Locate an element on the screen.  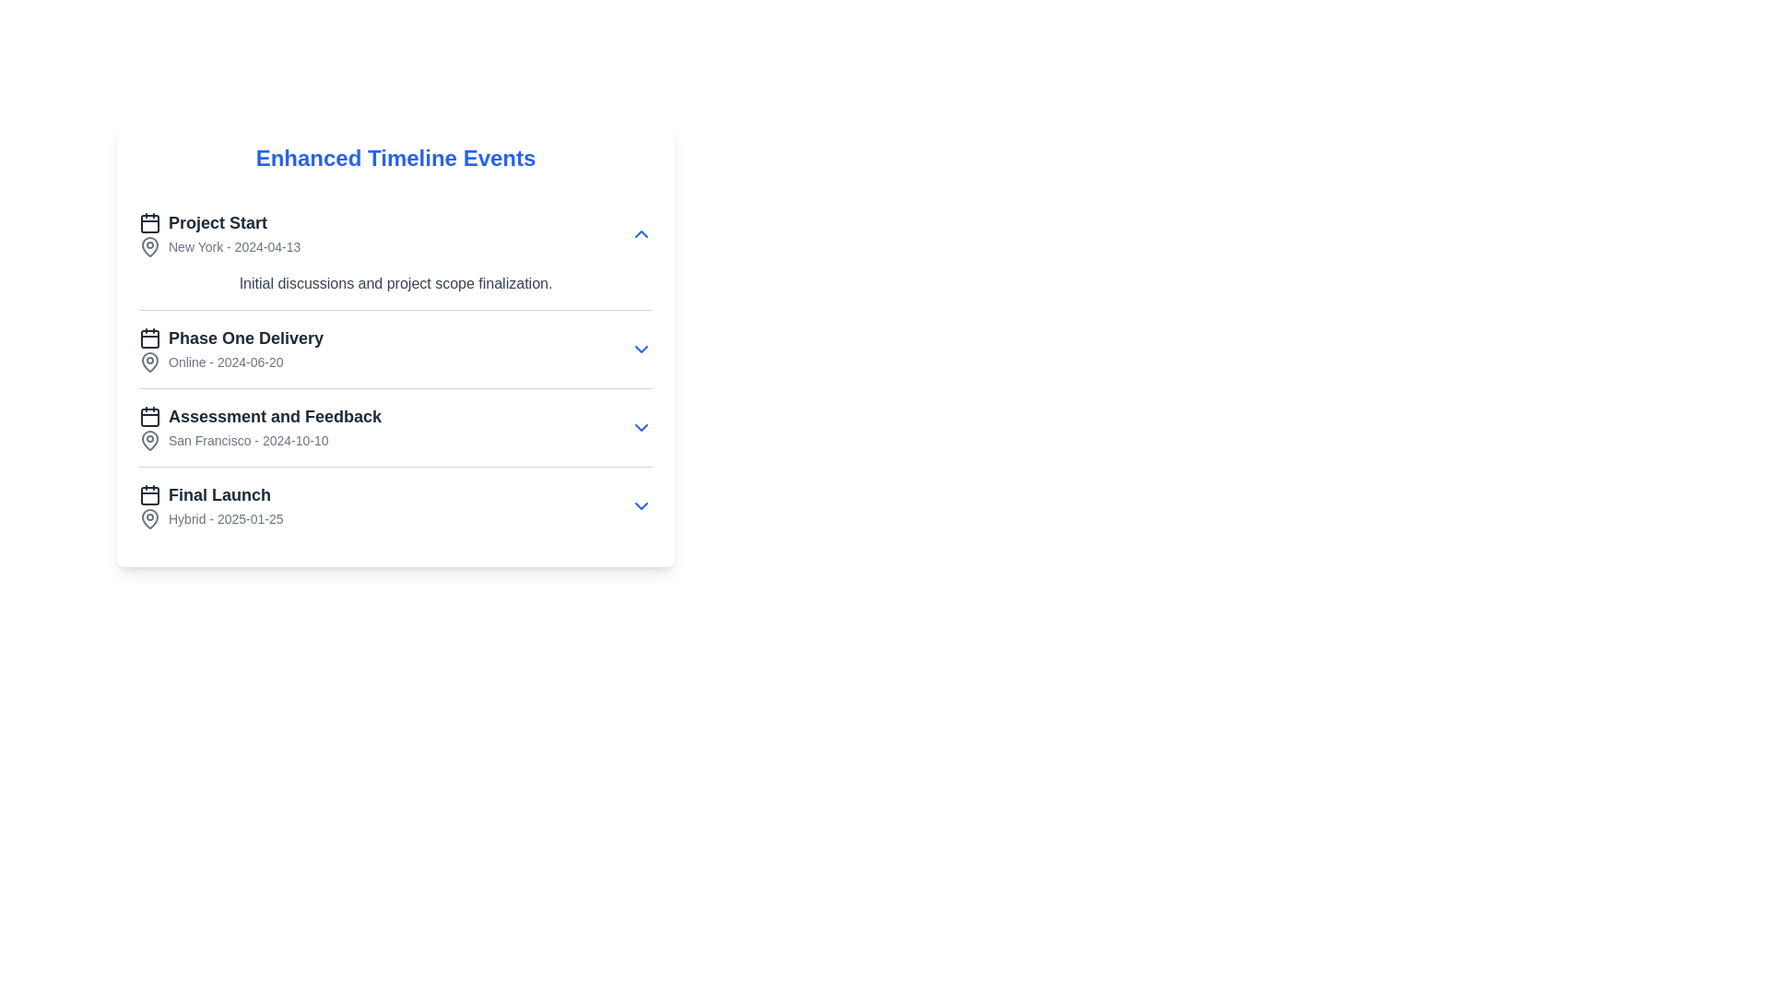
the chevron icon on the far right of the 'Assessment and Feedback' section is located at coordinates (642, 427).